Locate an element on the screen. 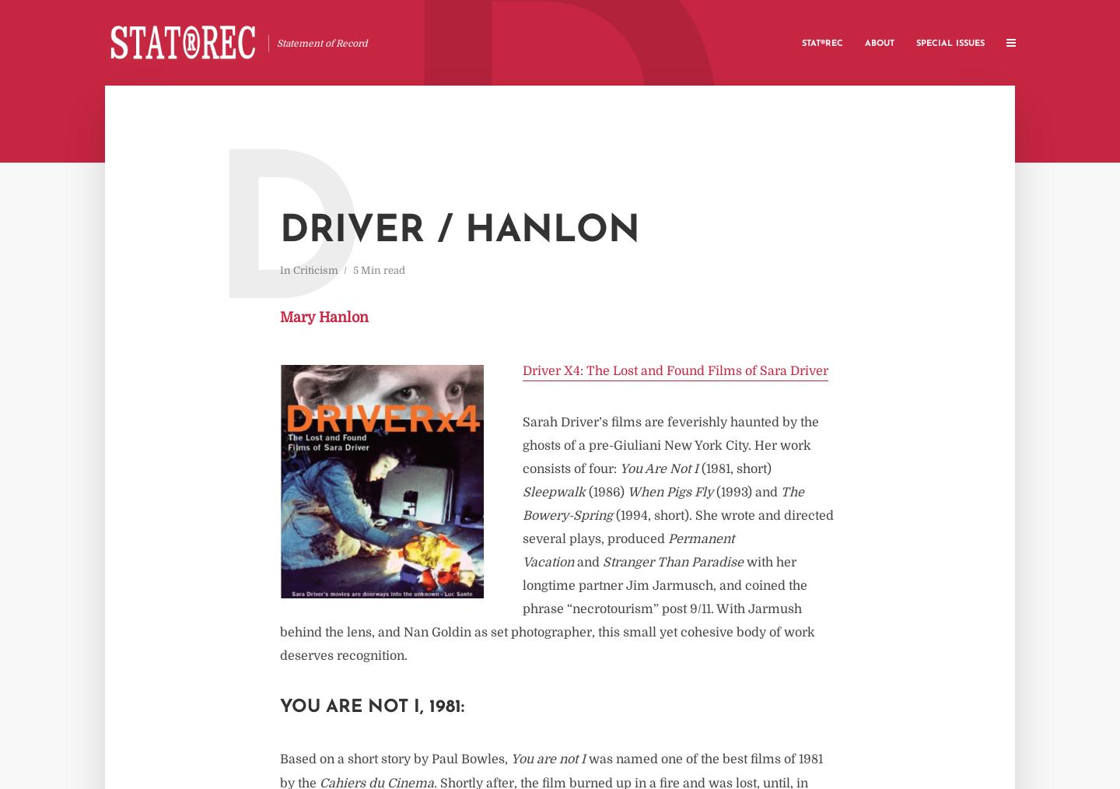  'Stranger Than Paradise' is located at coordinates (672, 561).